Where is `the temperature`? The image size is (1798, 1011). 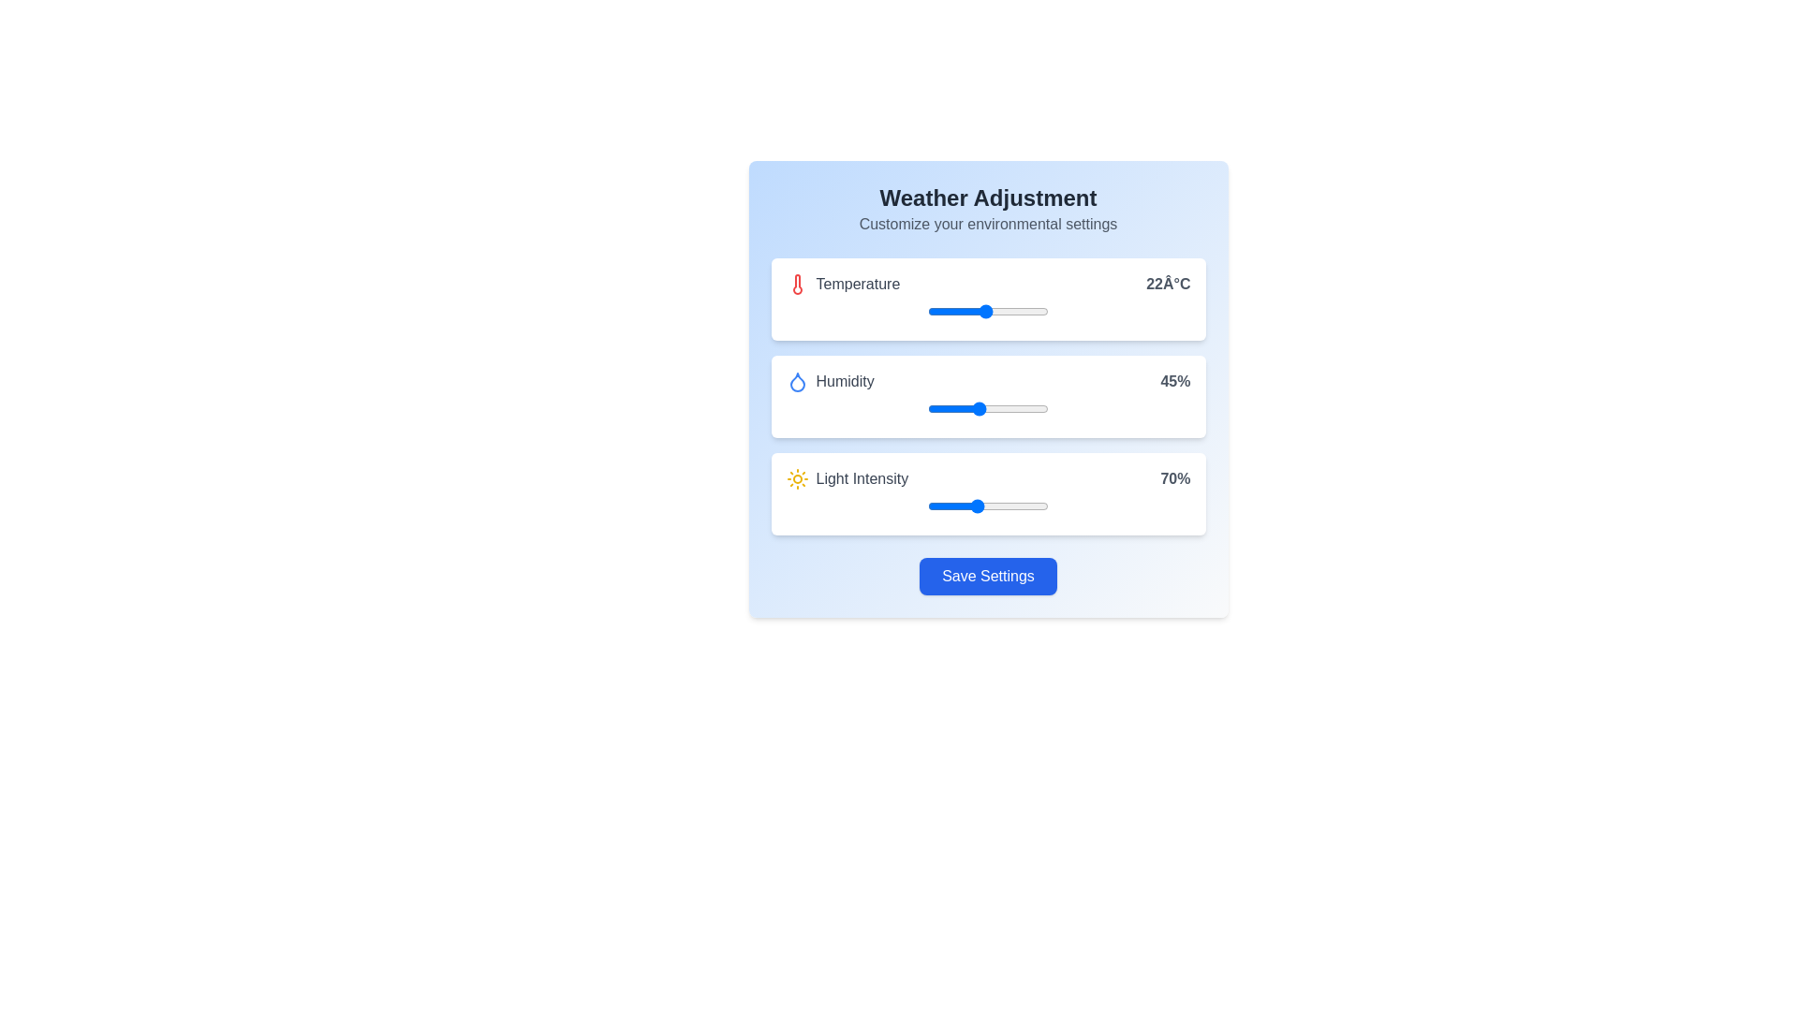 the temperature is located at coordinates (957, 310).